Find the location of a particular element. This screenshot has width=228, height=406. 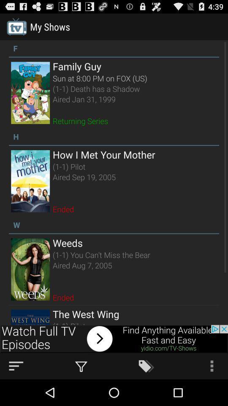

next option is located at coordinates (114, 339).